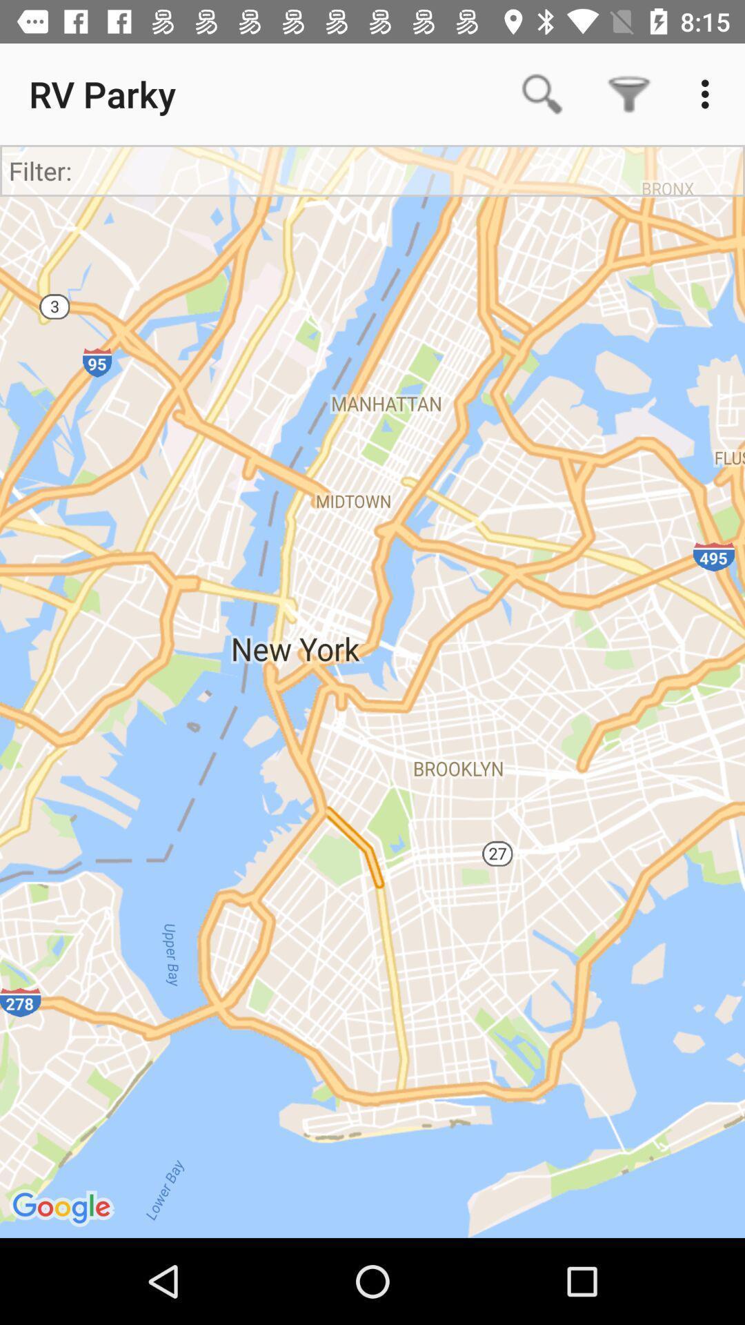  What do you see at coordinates (372, 691) in the screenshot?
I see `item at the center` at bounding box center [372, 691].